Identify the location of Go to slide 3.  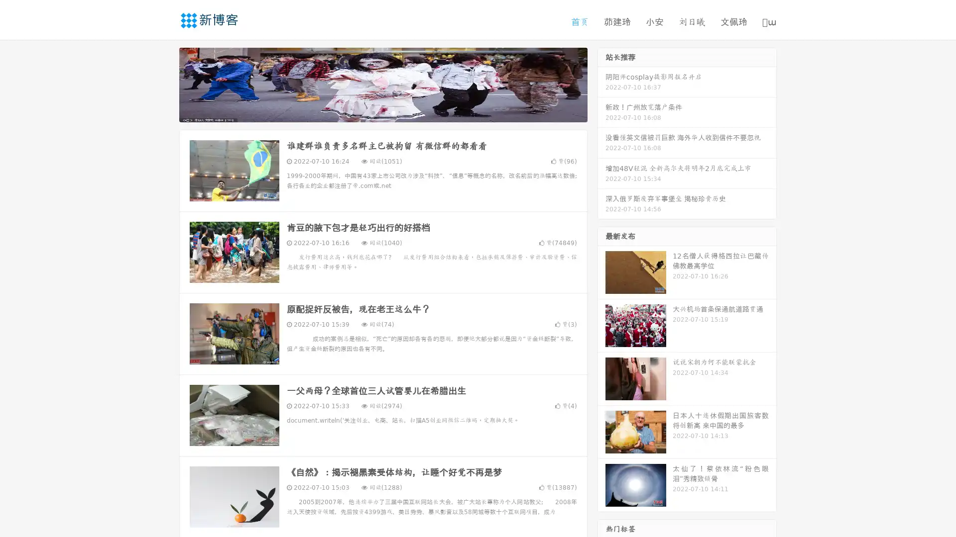
(393, 112).